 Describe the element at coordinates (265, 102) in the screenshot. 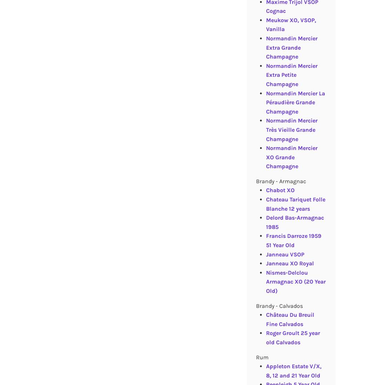

I see `'Normandin Mercier La Péraudière Grande Champagne'` at that location.